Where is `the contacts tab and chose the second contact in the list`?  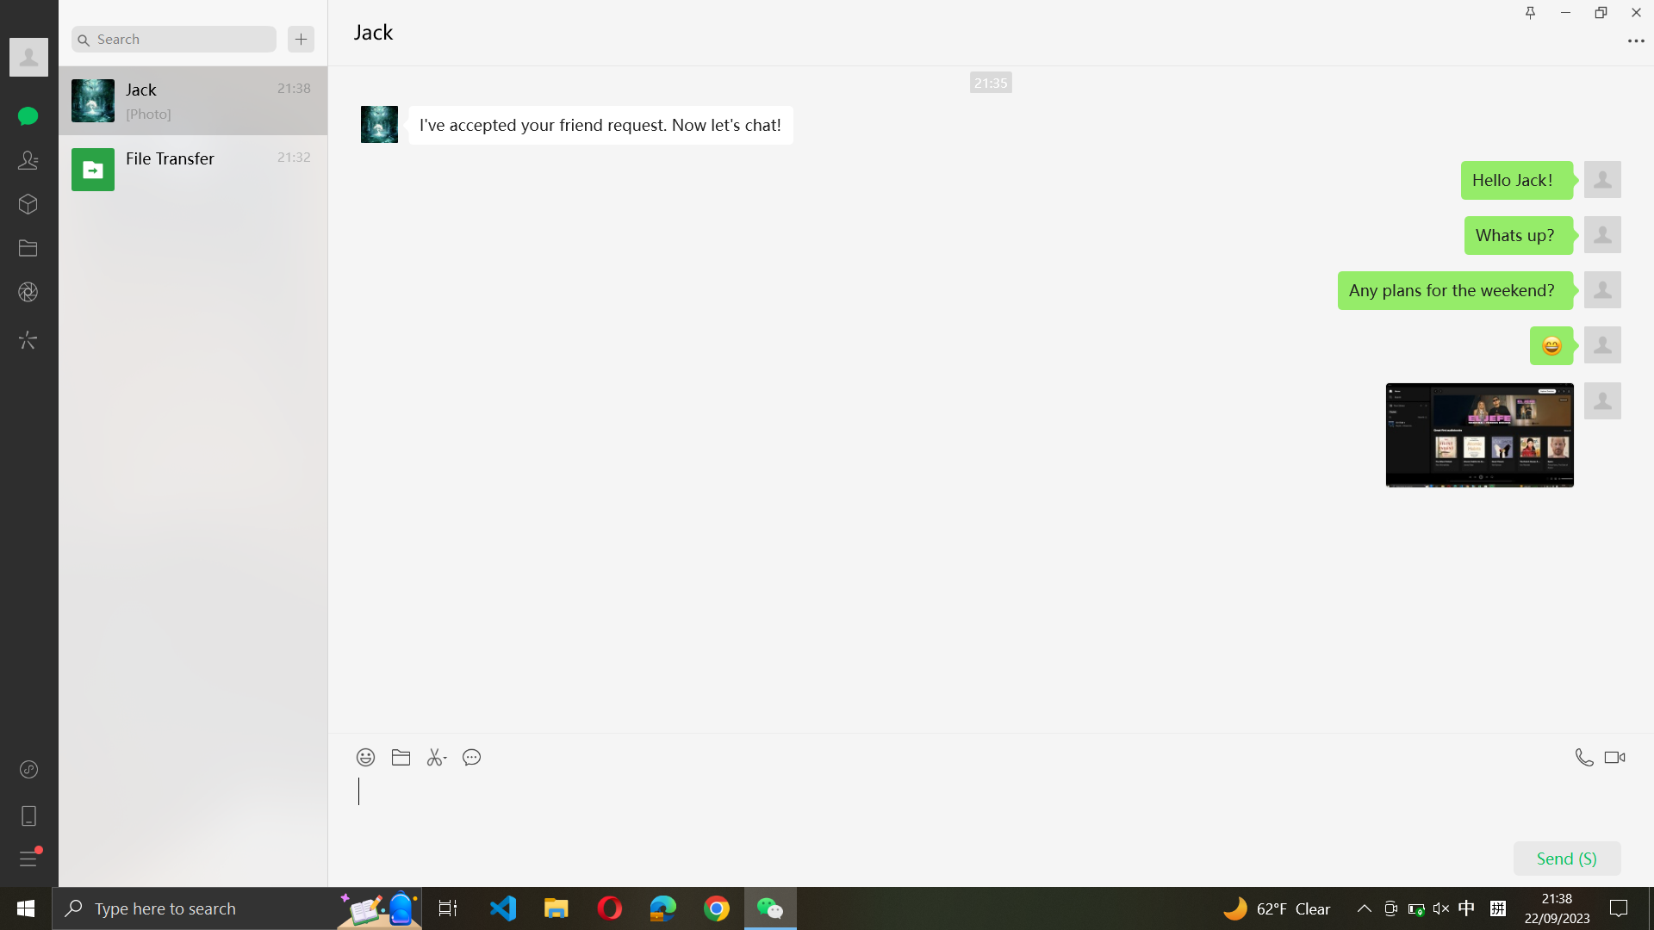
the contacts tab and chose the second contact in the list is located at coordinates (28, 159).